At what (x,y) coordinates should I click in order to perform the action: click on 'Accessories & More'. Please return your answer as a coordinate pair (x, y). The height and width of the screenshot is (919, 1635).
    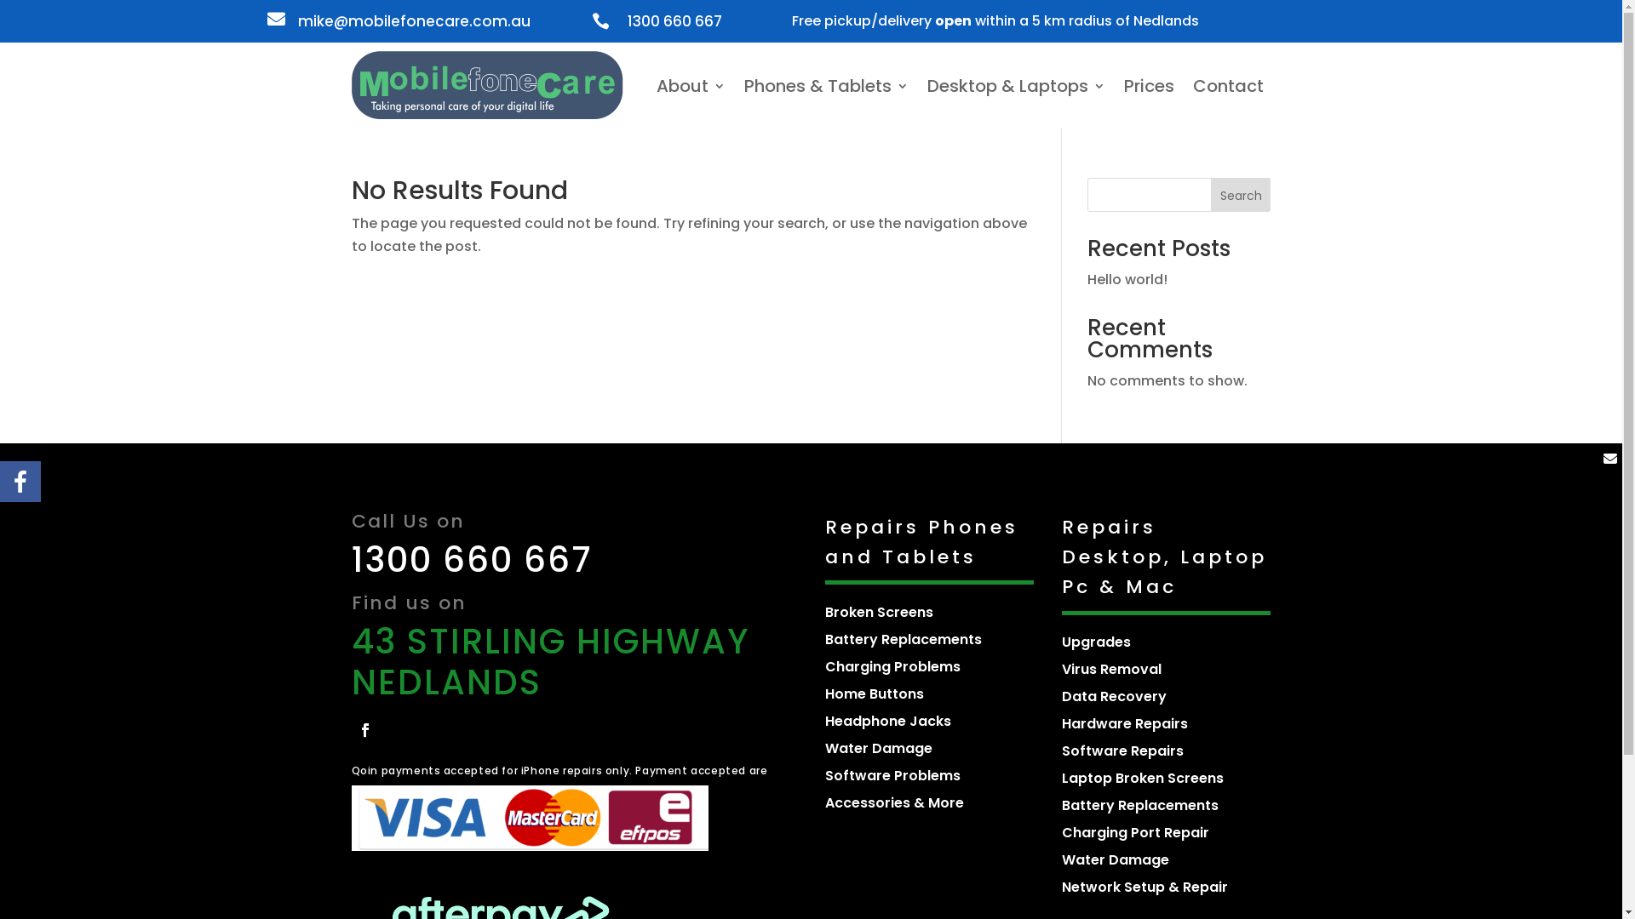
    Looking at the image, I should click on (825, 802).